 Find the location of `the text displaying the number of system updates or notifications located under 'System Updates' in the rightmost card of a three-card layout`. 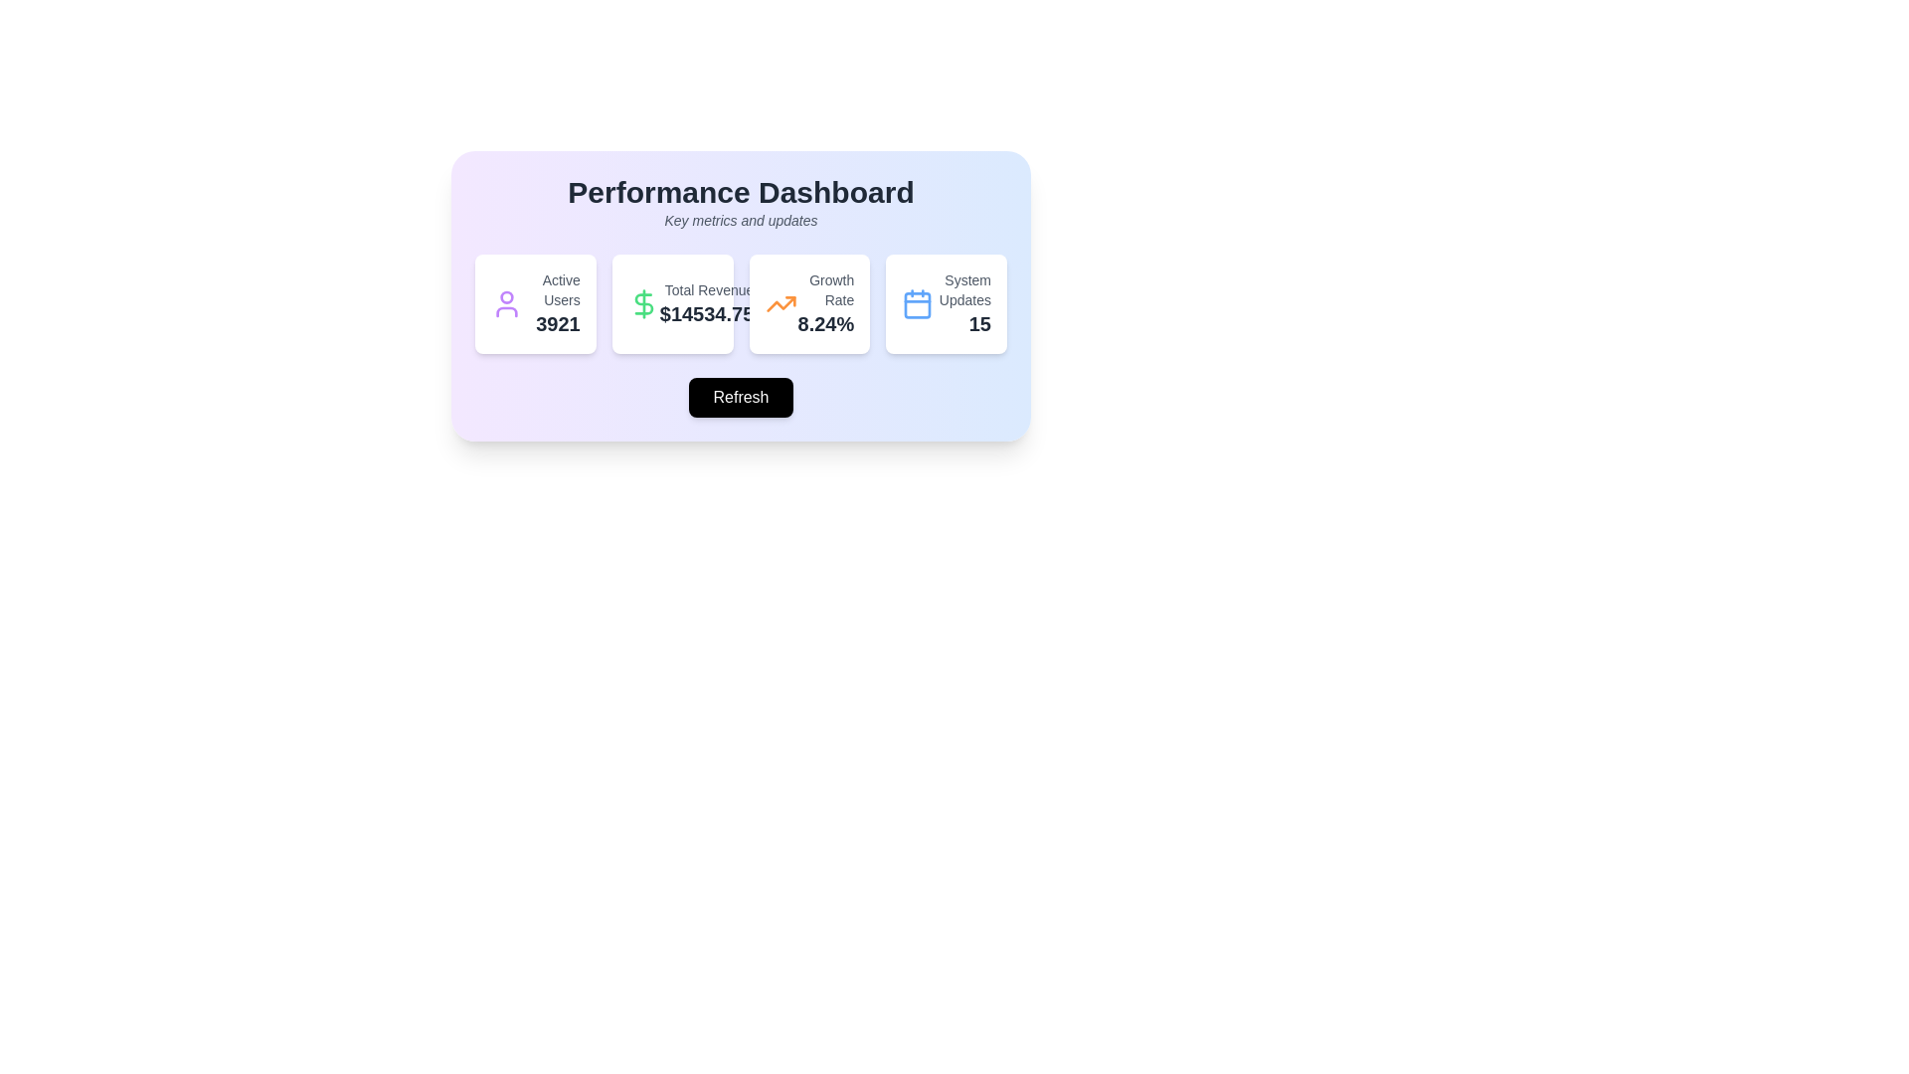

the text displaying the number of system updates or notifications located under 'System Updates' in the rightmost card of a three-card layout is located at coordinates (962, 323).